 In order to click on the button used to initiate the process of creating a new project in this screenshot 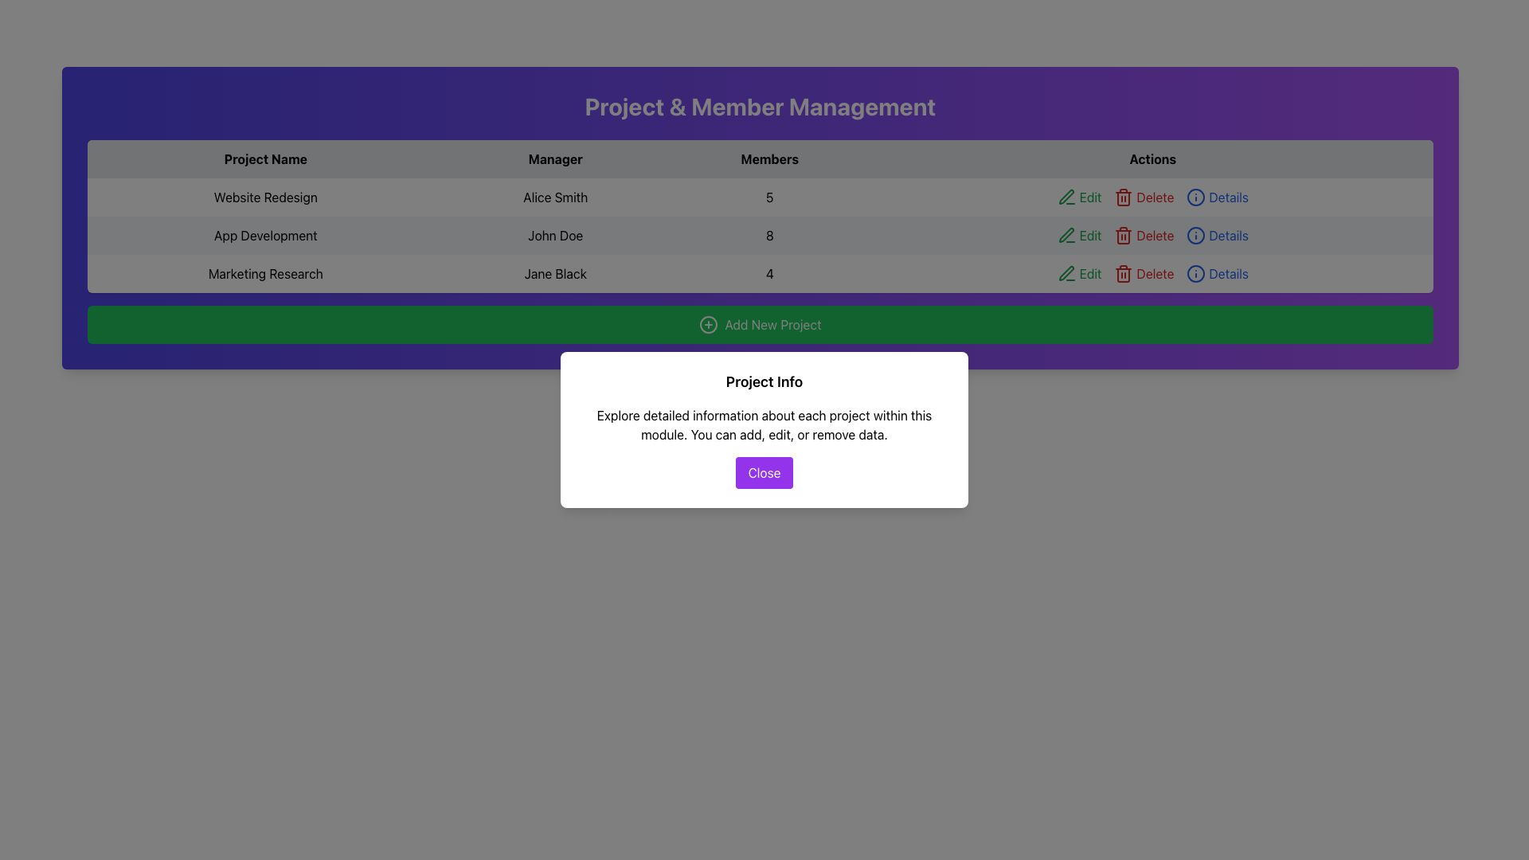, I will do `click(760, 324)`.